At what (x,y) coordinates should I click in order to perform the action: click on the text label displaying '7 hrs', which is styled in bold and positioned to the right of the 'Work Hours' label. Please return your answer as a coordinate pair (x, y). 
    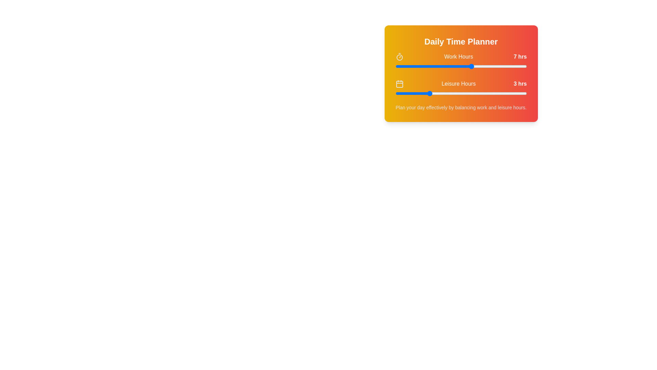
    Looking at the image, I should click on (520, 56).